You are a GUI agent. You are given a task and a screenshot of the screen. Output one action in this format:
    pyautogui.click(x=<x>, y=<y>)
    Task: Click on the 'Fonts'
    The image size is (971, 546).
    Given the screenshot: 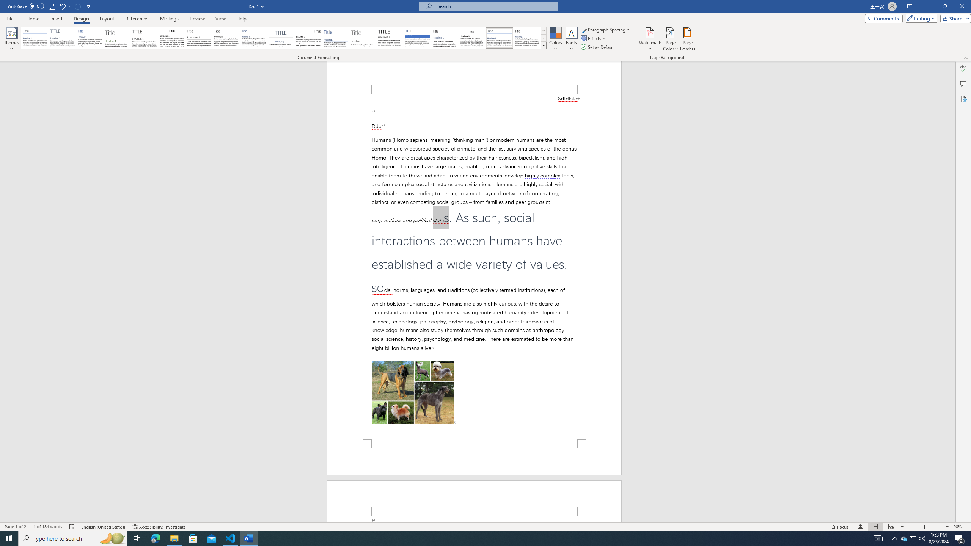 What is the action you would take?
    pyautogui.click(x=571, y=39)
    